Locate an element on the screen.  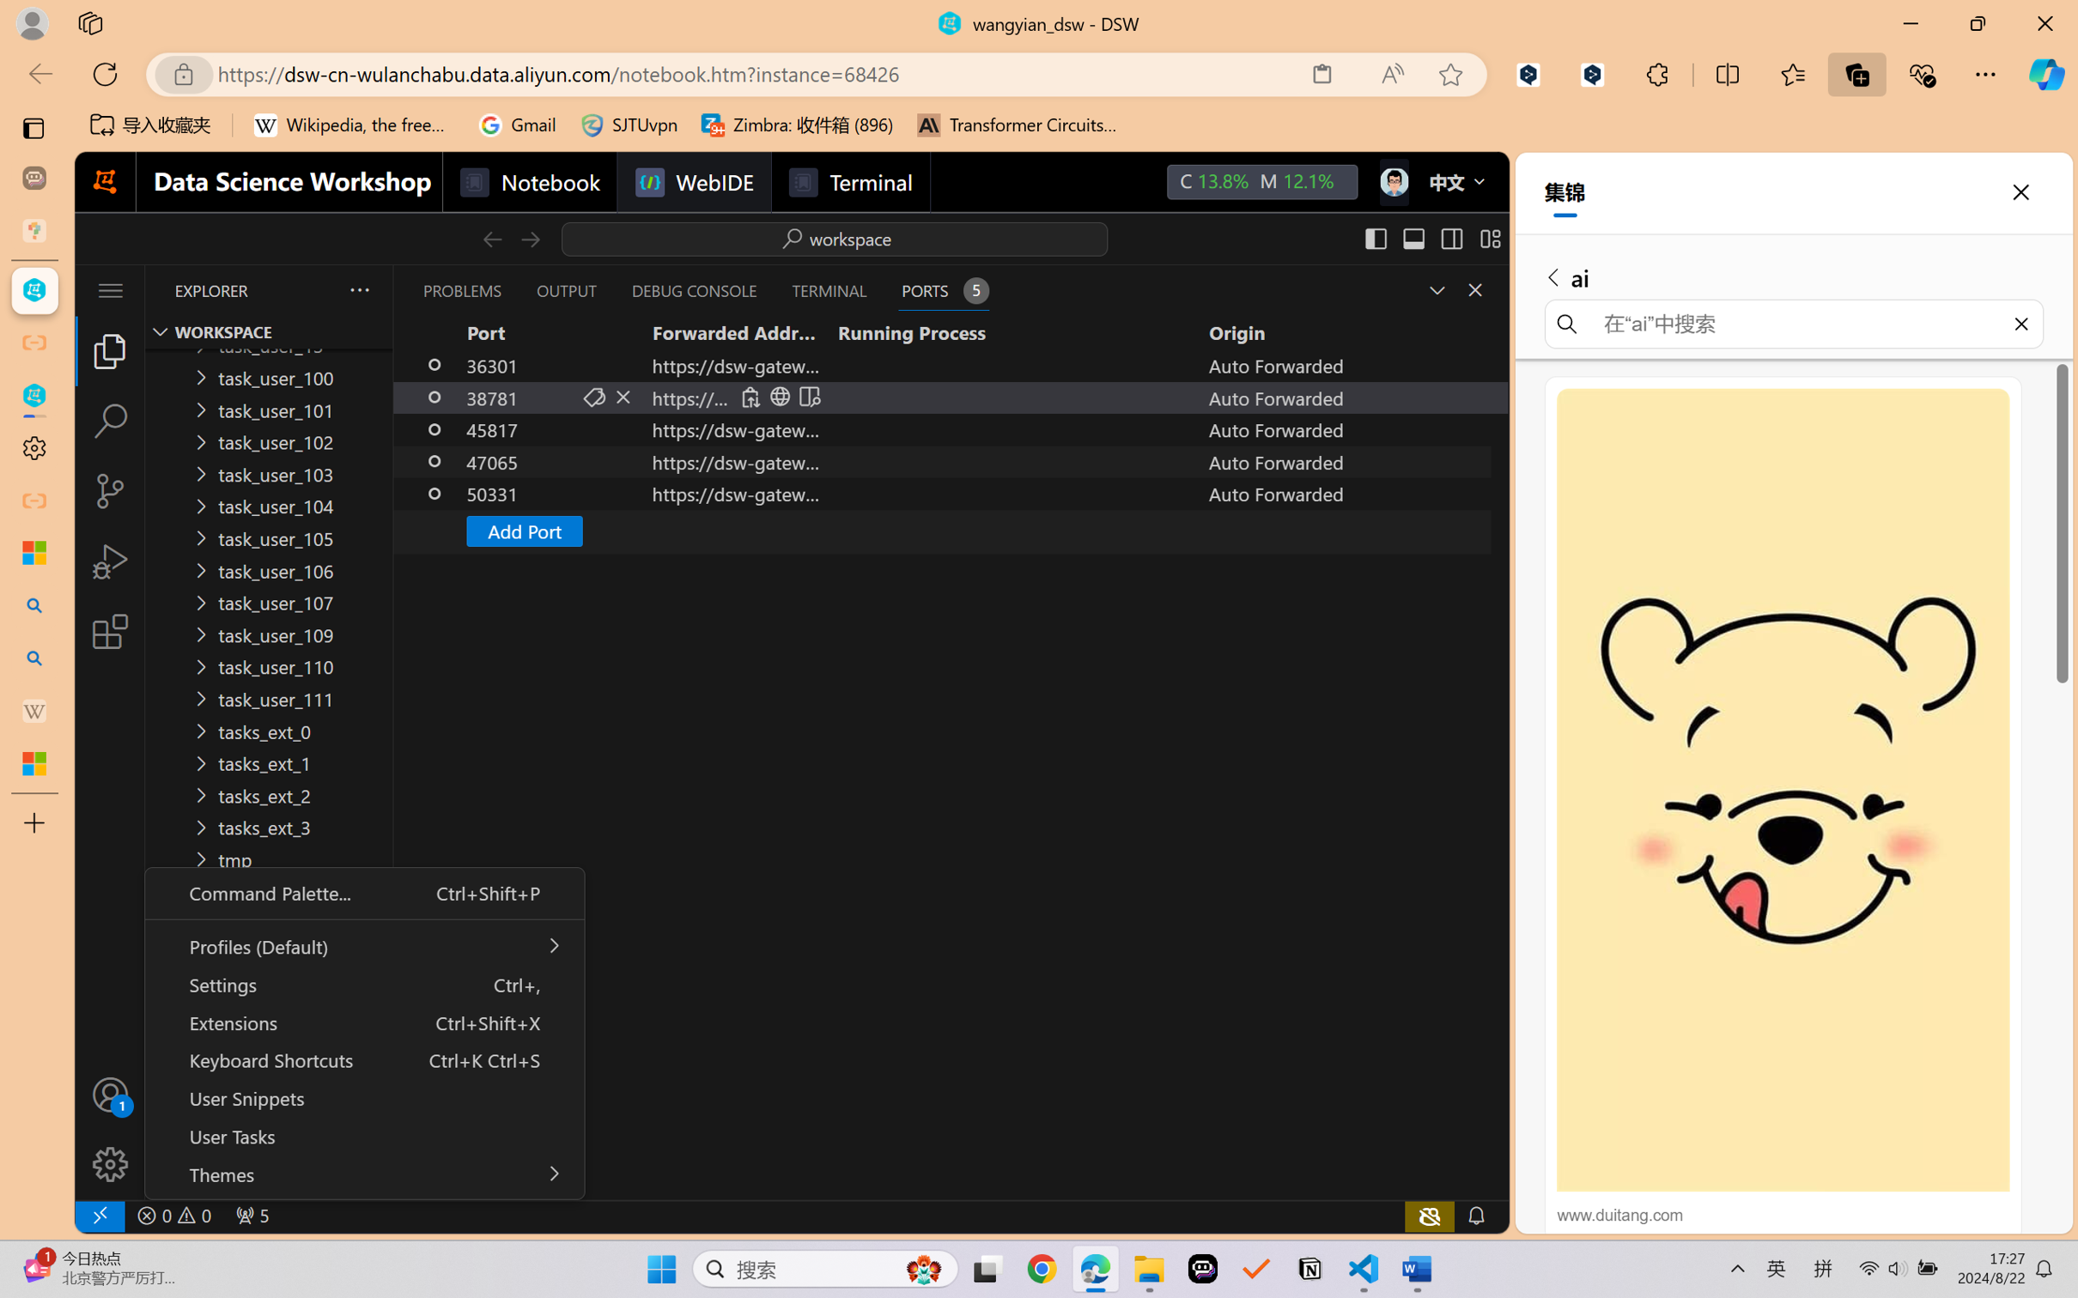
'Stop Forwarding Port (Delete)' is located at coordinates (623, 396).